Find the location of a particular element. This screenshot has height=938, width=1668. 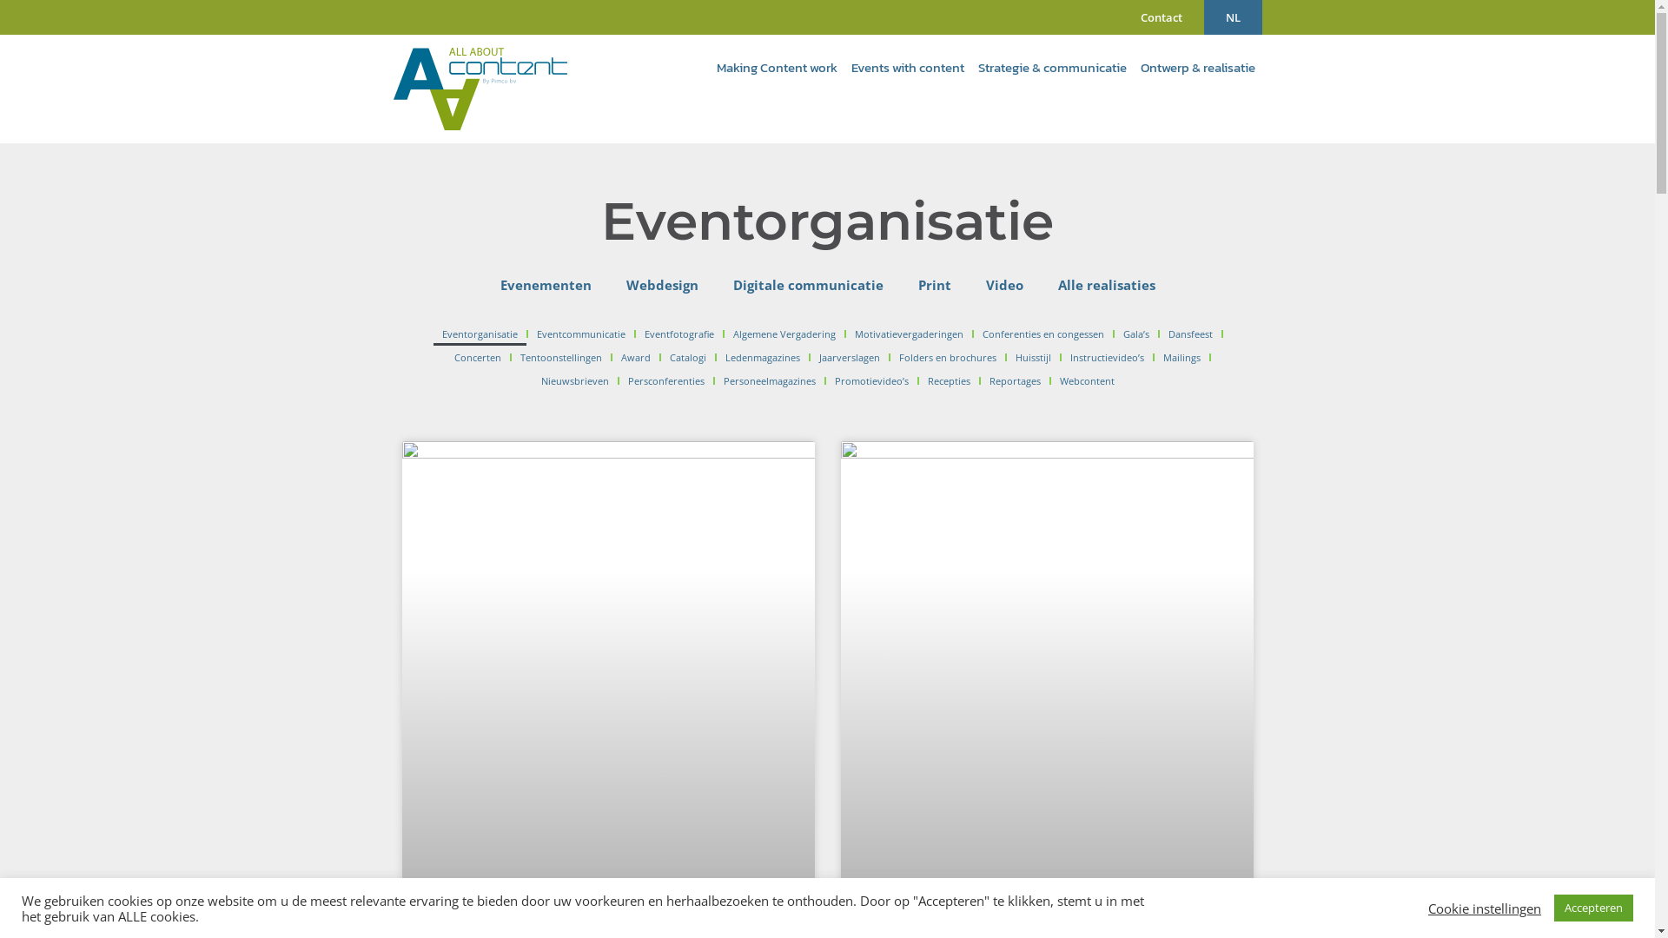

'Ontwerp & realisatie' is located at coordinates (1195, 66).